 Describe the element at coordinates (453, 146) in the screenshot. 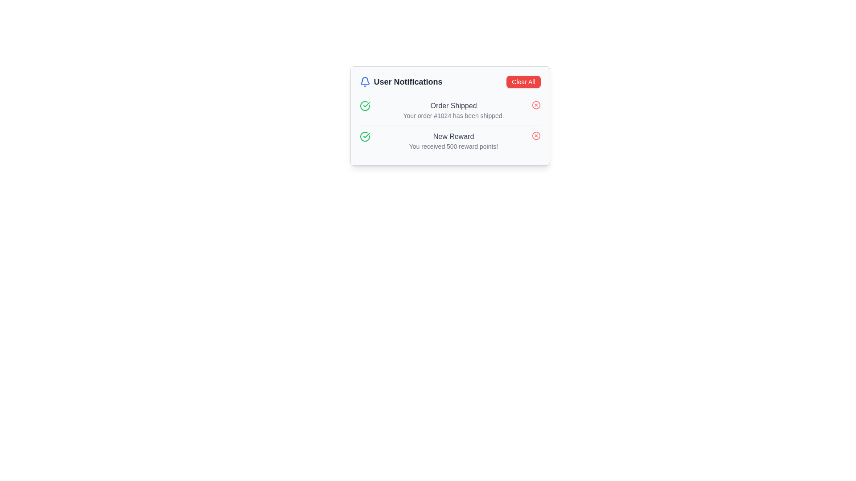

I see `the text label displaying 'You received 500 reward points!', which is located below the 'New Reward' heading in a notification card` at that location.